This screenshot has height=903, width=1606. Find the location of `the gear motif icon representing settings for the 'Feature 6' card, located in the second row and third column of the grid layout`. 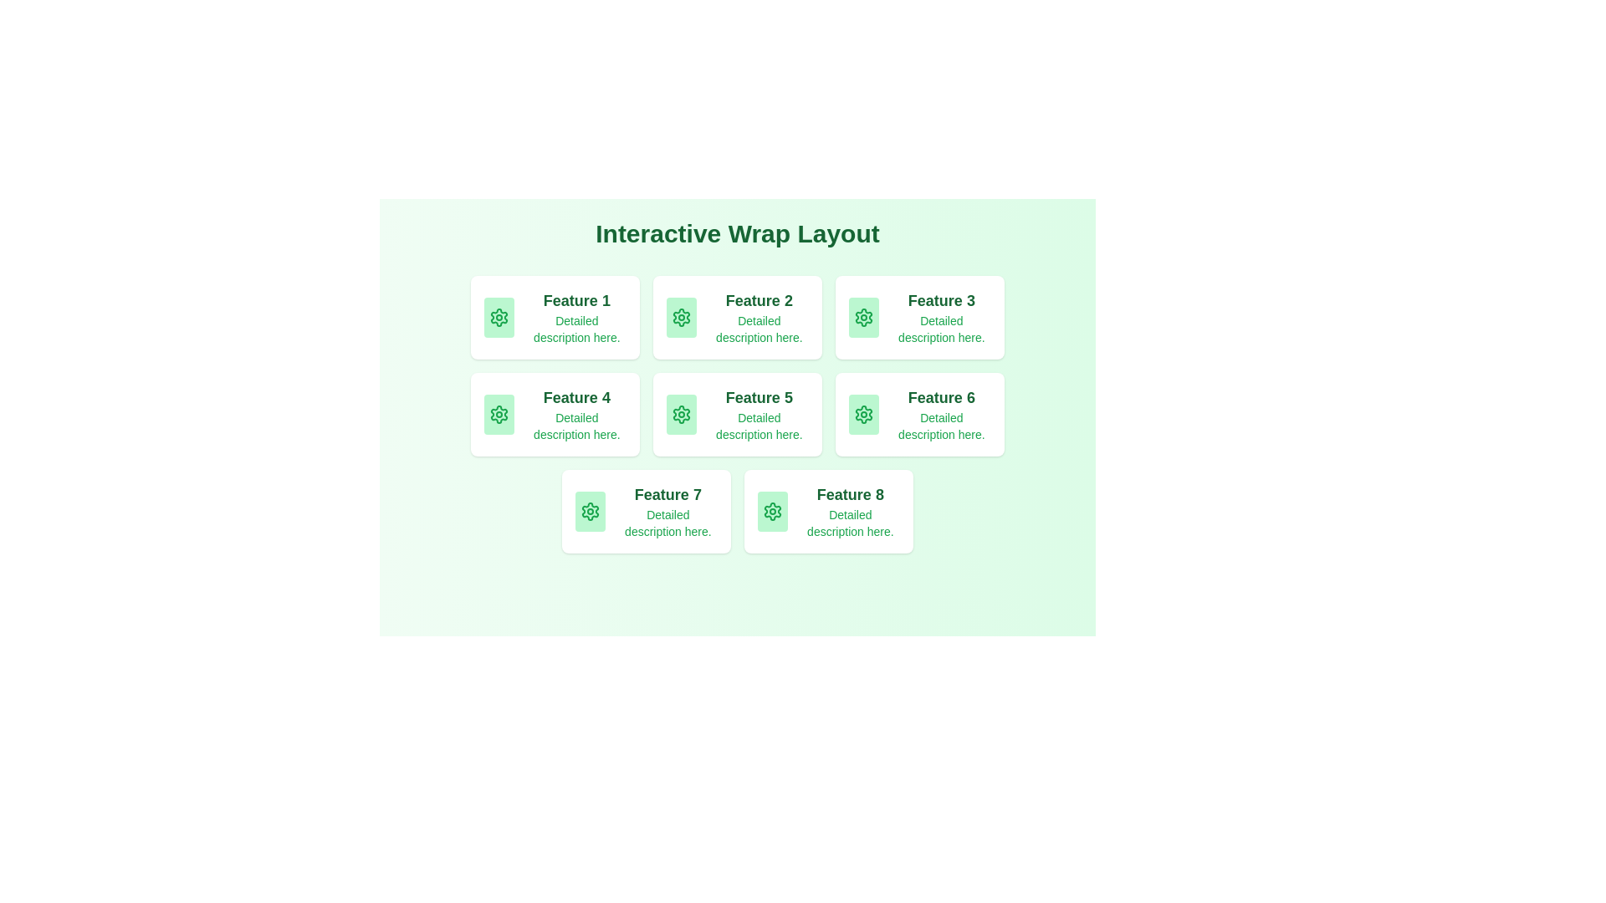

the gear motif icon representing settings for the 'Feature 6' card, located in the second row and third column of the grid layout is located at coordinates (863, 414).